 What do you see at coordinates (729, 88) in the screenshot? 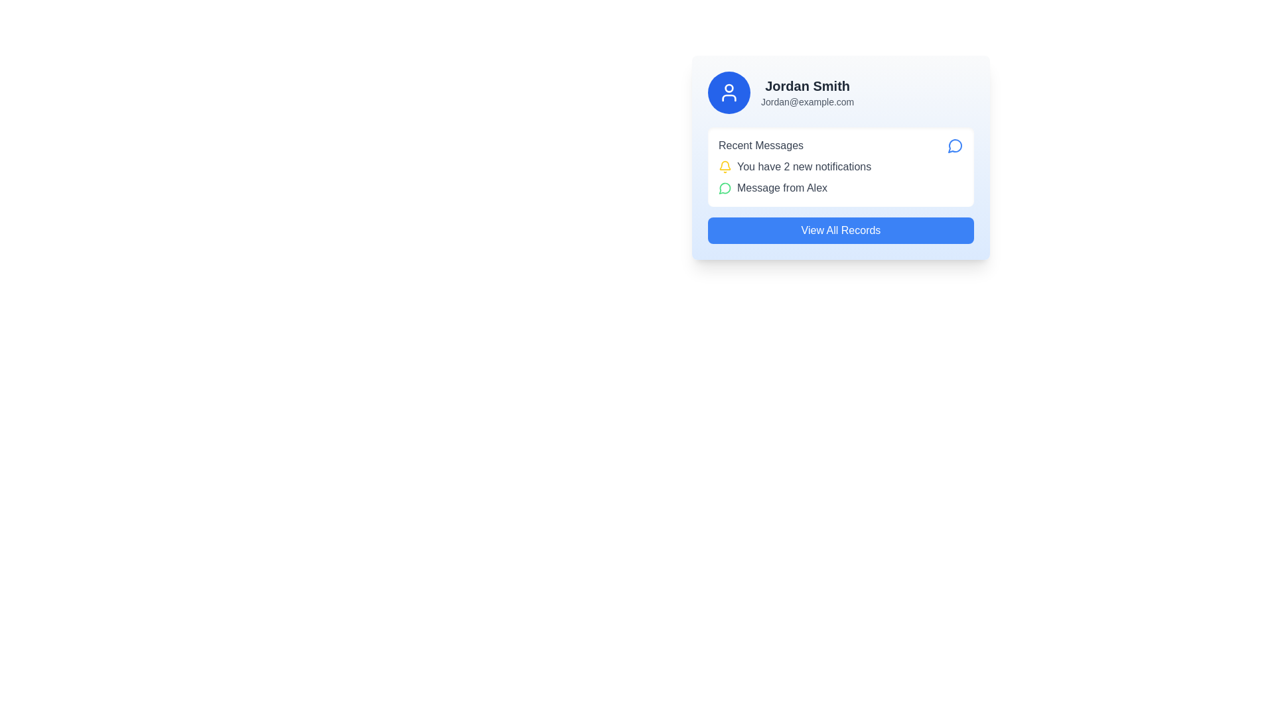
I see `the circular shape within the user profile icon, which is part of a larger face illustration` at bounding box center [729, 88].